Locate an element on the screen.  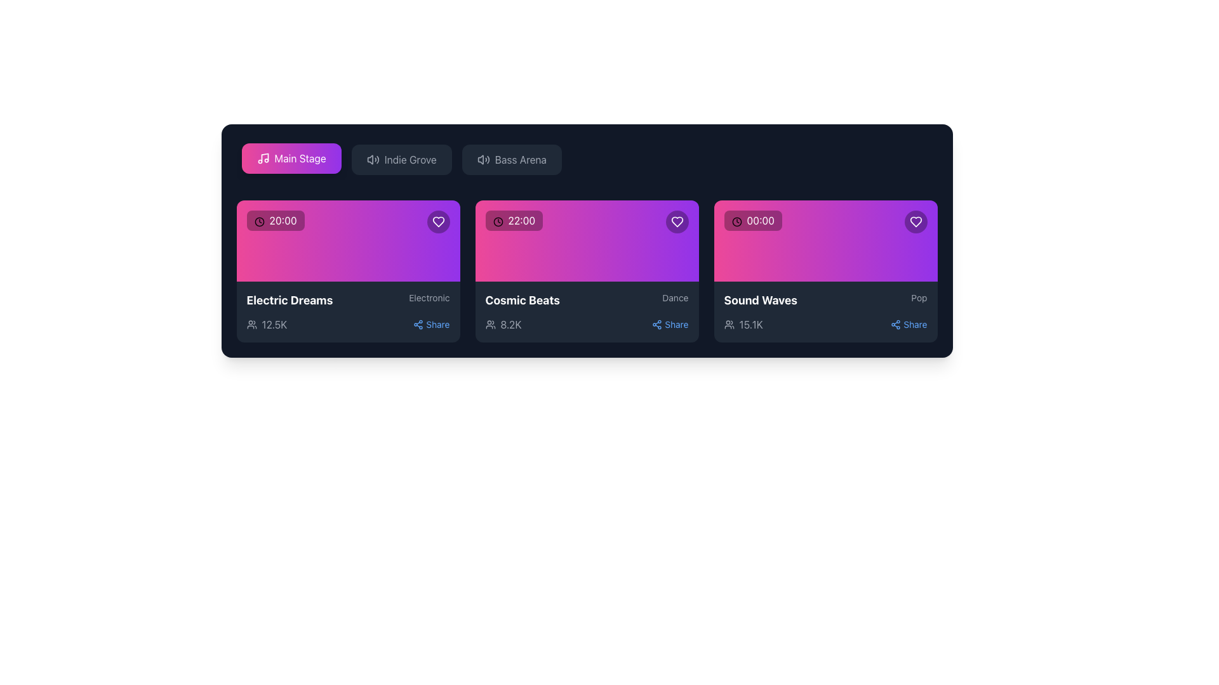
the sharing icon located to the left of the 'Share' text at the bottom of the 'Electric Dreams' card is located at coordinates (418, 324).